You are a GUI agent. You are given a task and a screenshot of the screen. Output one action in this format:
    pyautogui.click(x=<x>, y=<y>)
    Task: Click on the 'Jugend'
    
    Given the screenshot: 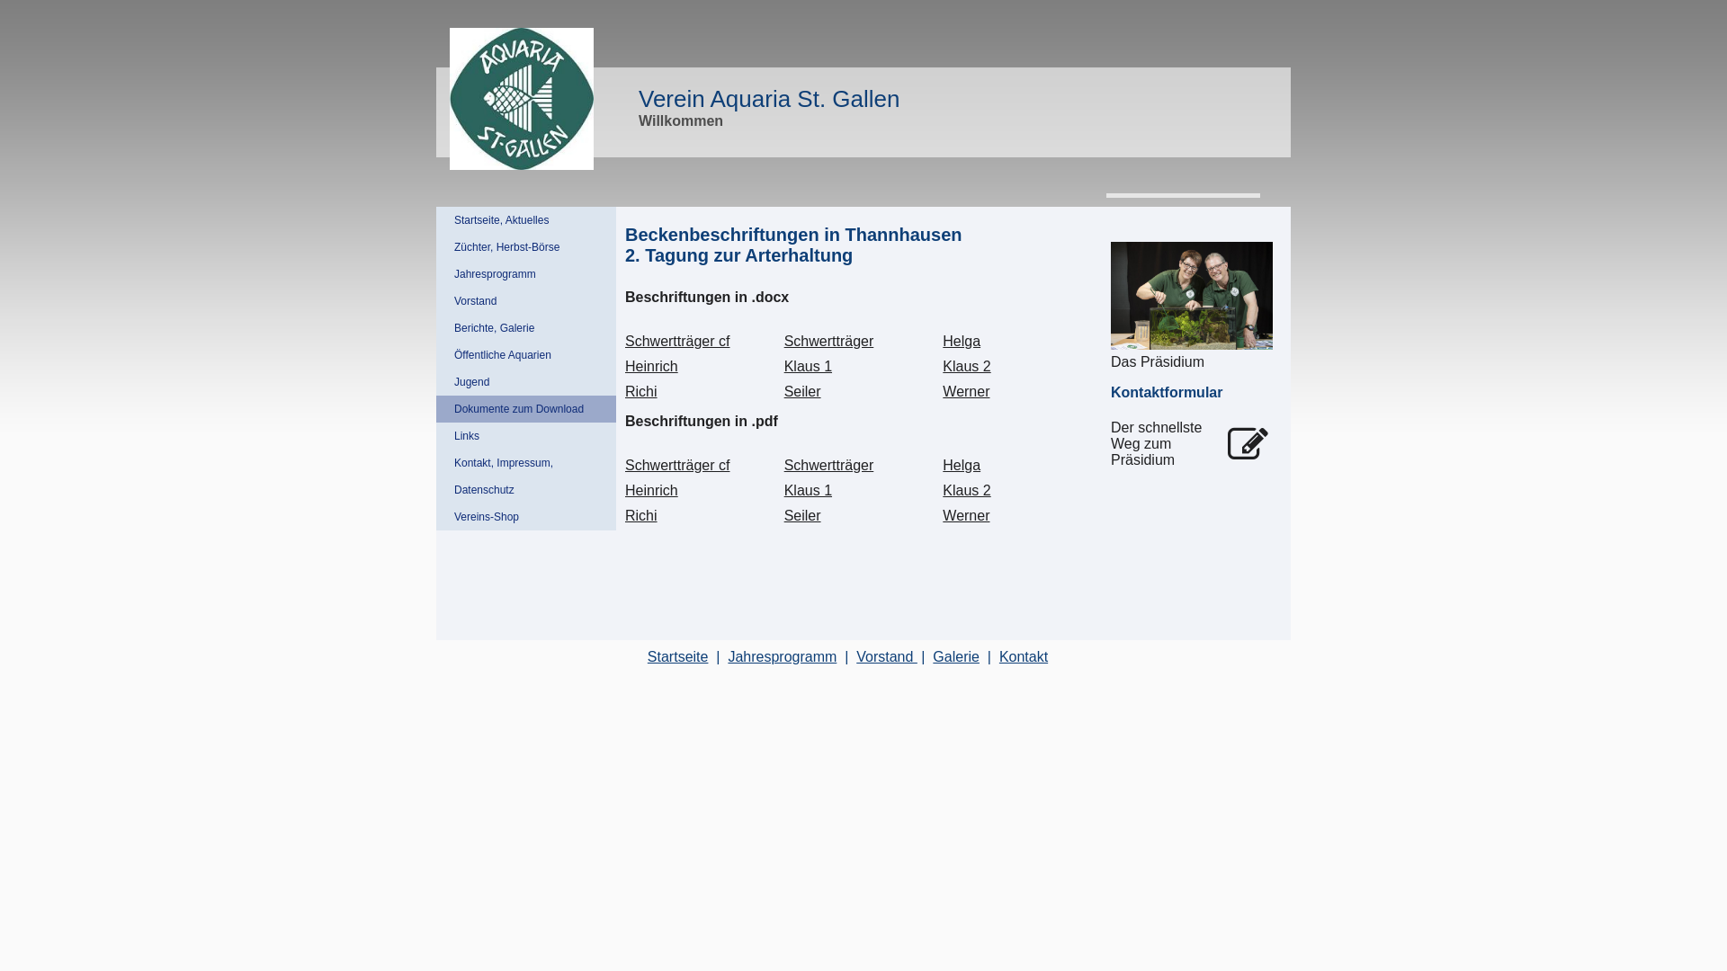 What is the action you would take?
    pyautogui.click(x=525, y=380)
    